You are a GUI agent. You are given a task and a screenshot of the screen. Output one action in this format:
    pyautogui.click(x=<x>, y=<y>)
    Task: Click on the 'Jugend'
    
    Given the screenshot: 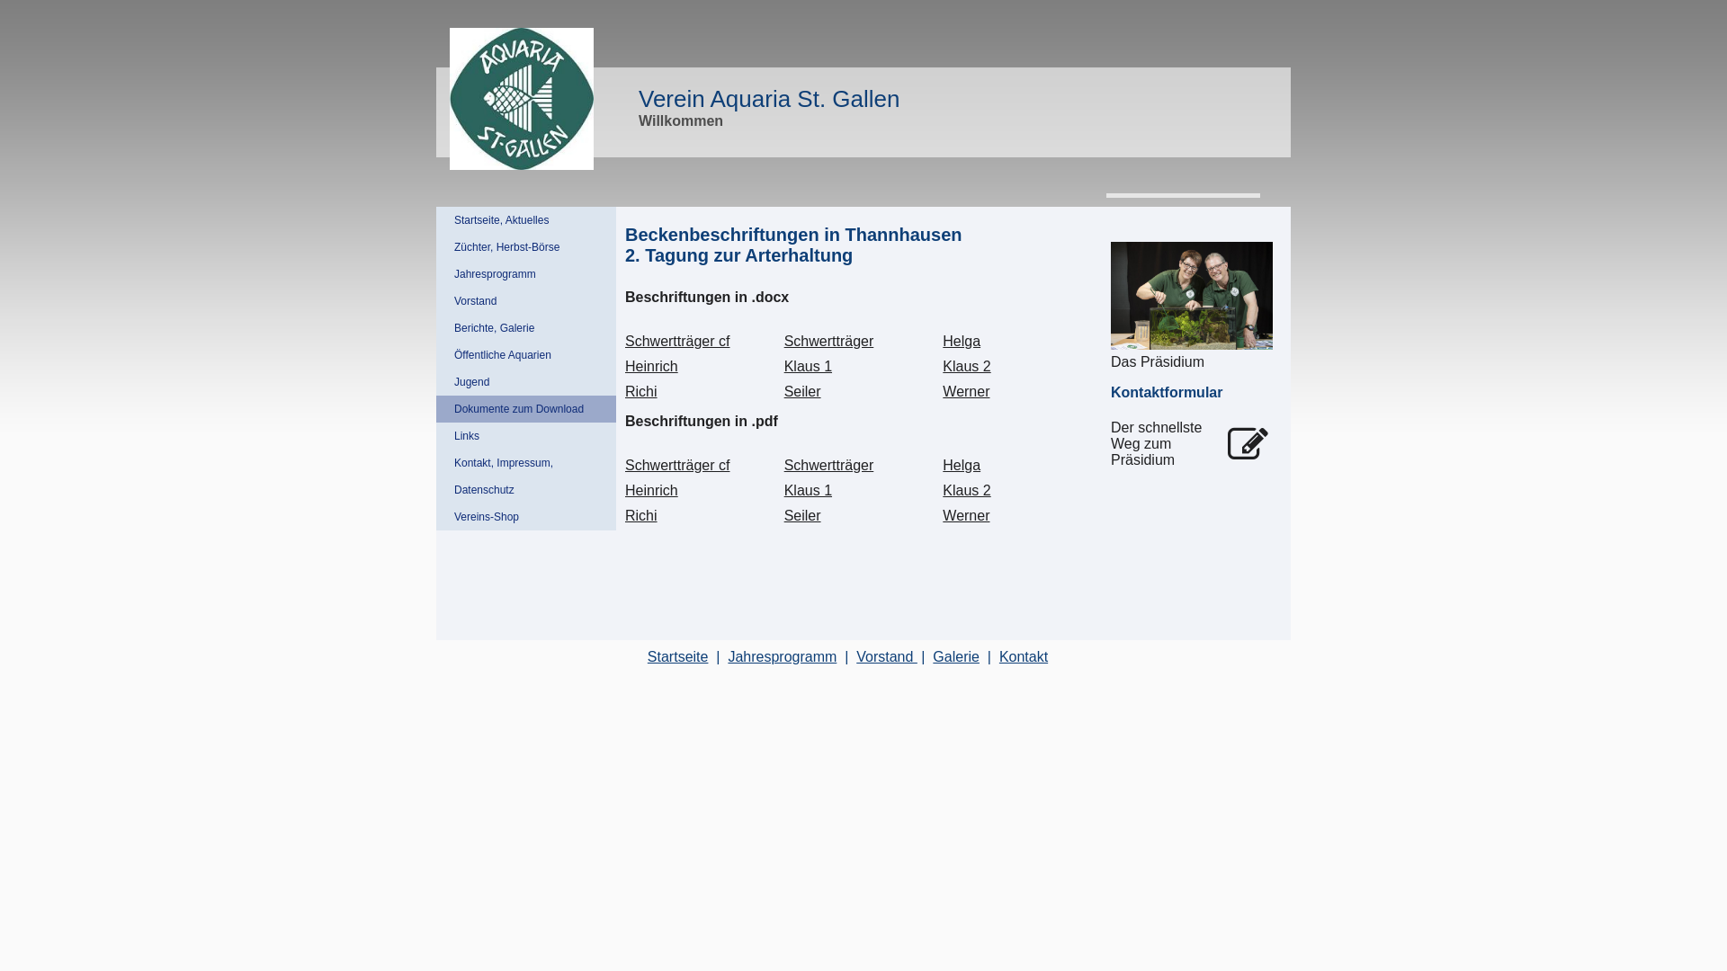 What is the action you would take?
    pyautogui.click(x=525, y=380)
    